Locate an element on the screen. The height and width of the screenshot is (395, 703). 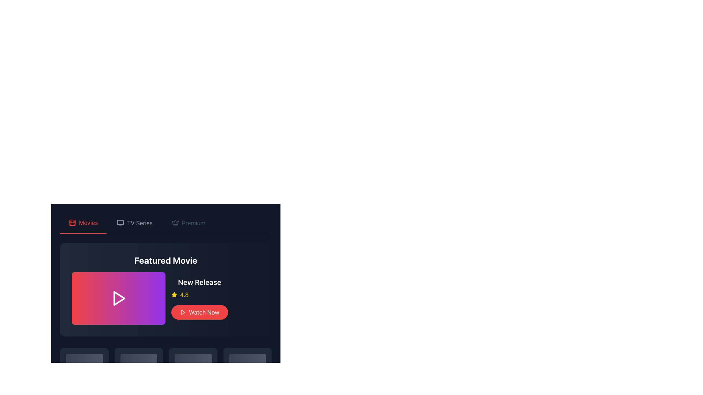
the text label displaying 'New Release', which is styled in bold, white font on a dark navy background and located above the rating and 'Watch Now' button is located at coordinates (200, 282).